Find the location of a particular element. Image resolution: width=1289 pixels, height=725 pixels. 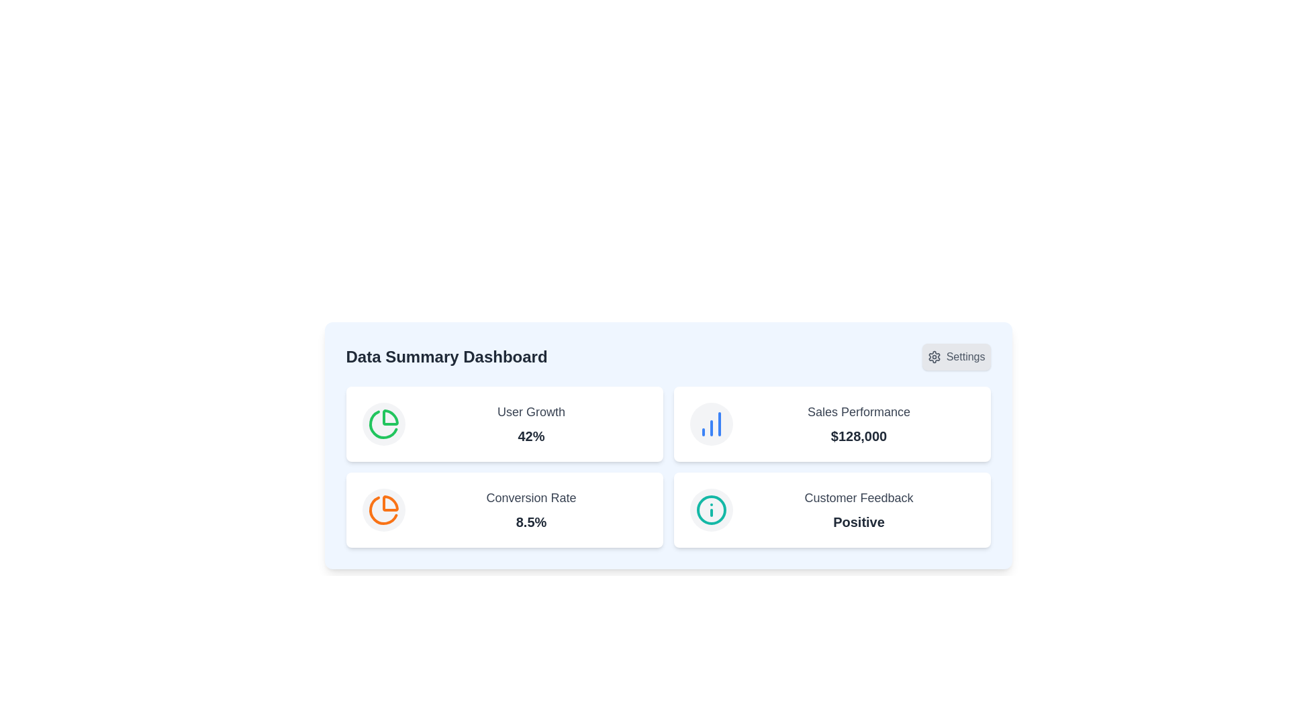

the circular icon with a pie chart design that represents 'User Growth' and is predominantly green, located within a light-gray background is located at coordinates (383, 424).